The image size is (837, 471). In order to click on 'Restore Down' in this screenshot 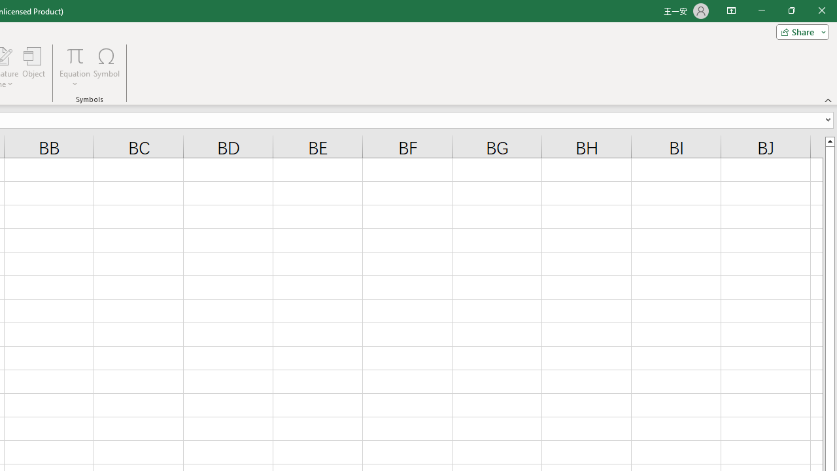, I will do `click(791, 10)`.